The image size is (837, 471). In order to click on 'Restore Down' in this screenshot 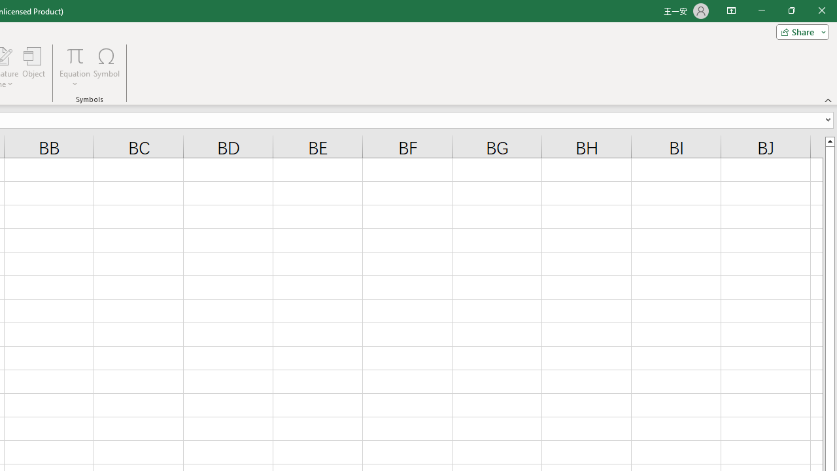, I will do `click(791, 10)`.